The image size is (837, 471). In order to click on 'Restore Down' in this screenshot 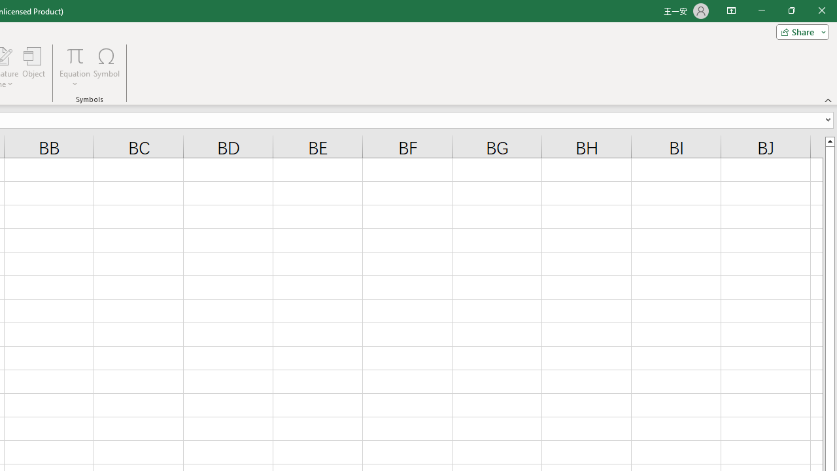, I will do `click(791, 10)`.